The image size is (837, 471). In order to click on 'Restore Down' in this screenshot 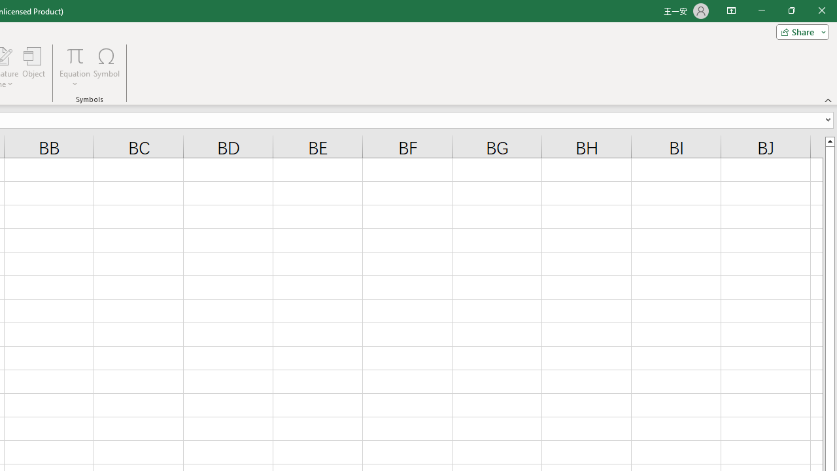, I will do `click(791, 10)`.